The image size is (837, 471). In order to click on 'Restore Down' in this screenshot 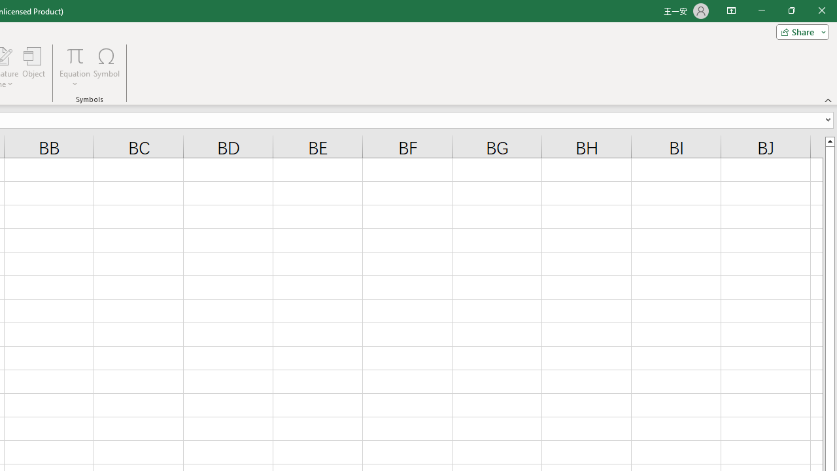, I will do `click(791, 10)`.